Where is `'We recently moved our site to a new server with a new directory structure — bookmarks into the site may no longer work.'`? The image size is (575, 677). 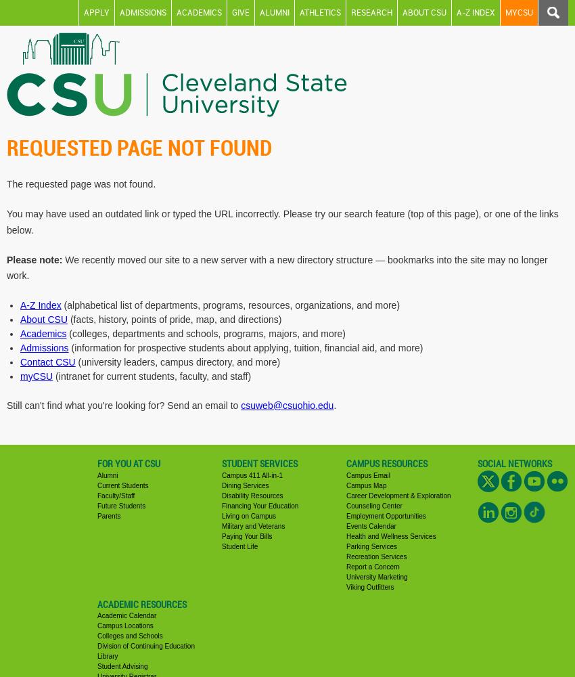
'We recently moved our site to a new server with a new directory structure — bookmarks into the site may no longer work.' is located at coordinates (277, 267).